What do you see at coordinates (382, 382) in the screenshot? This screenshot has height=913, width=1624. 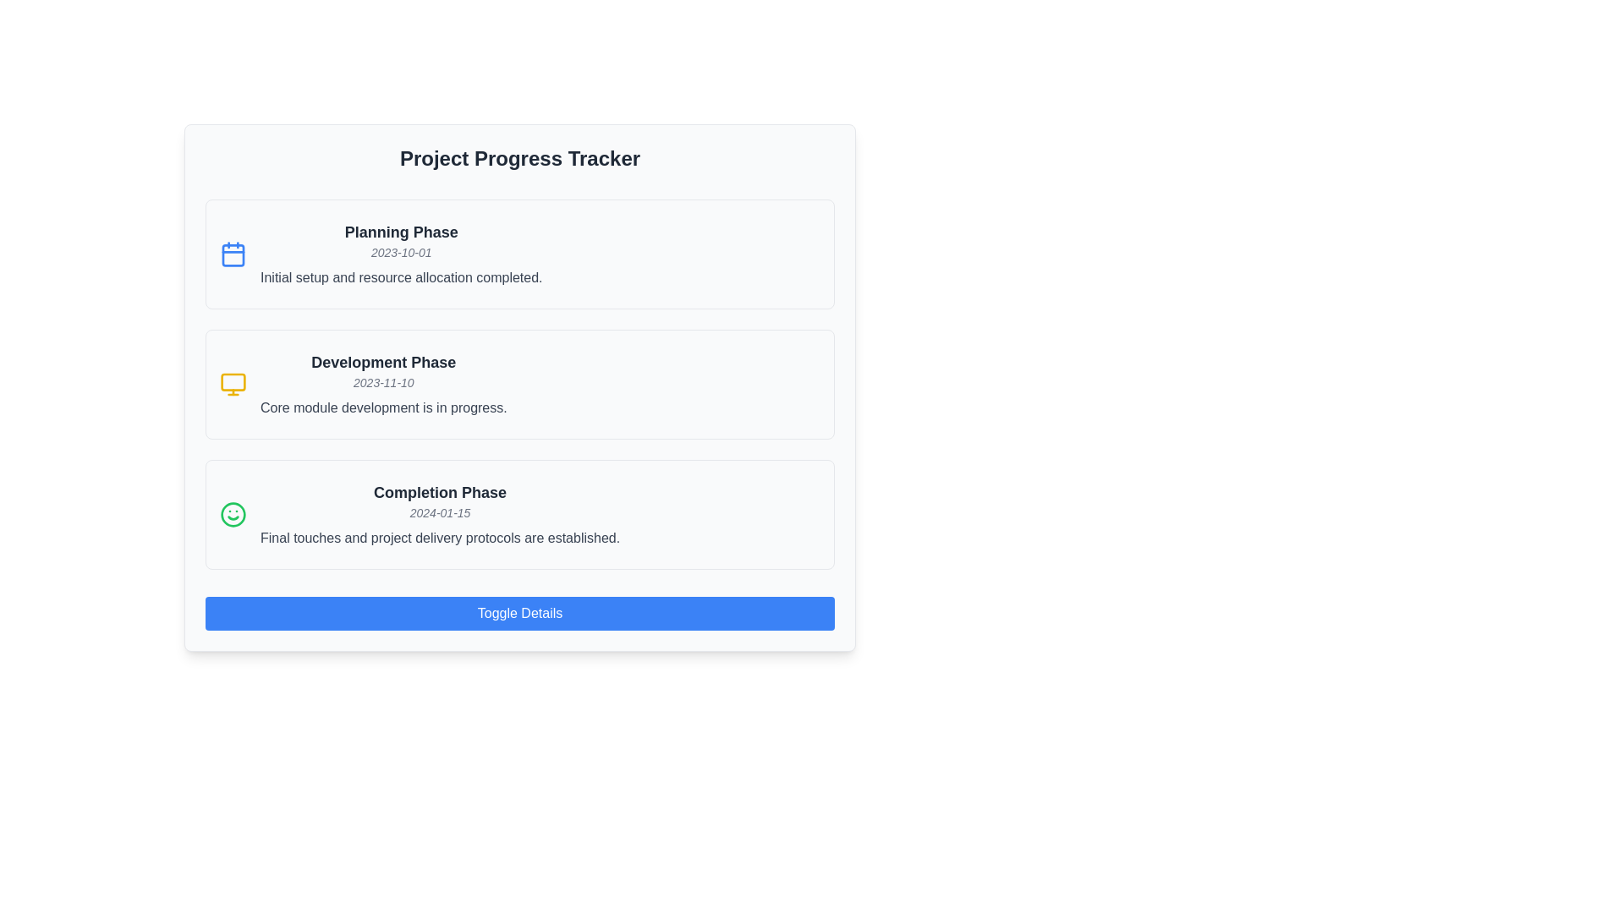 I see `the static text element that serves as a timestamp for the 'Development Phase' of the project, located in the center section of the interface` at bounding box center [382, 382].